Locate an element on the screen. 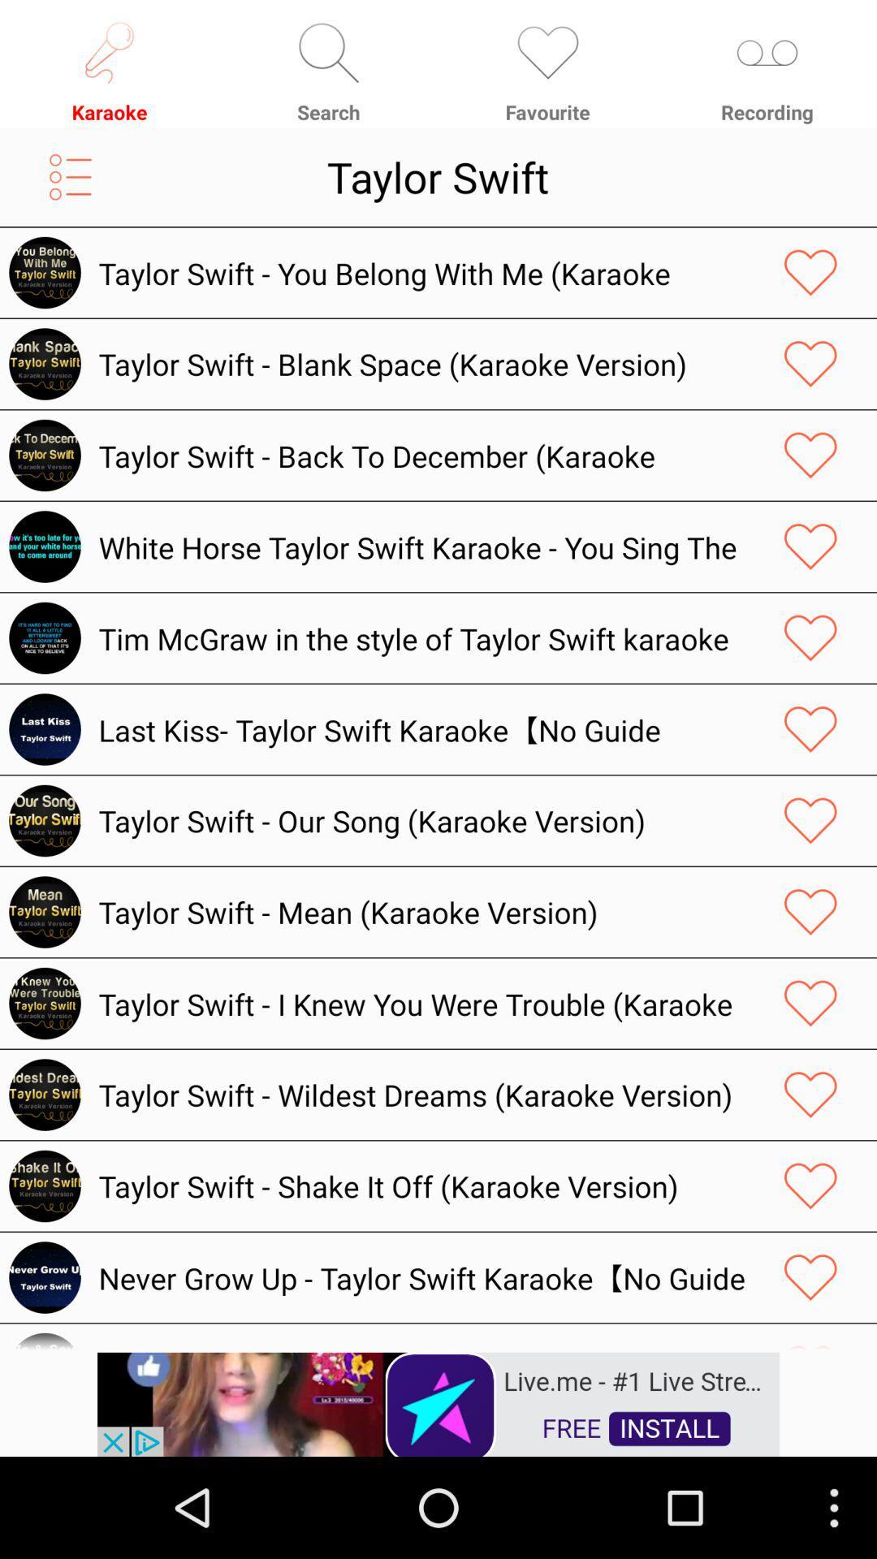 This screenshot has height=1559, width=877. song is located at coordinates (810, 1003).